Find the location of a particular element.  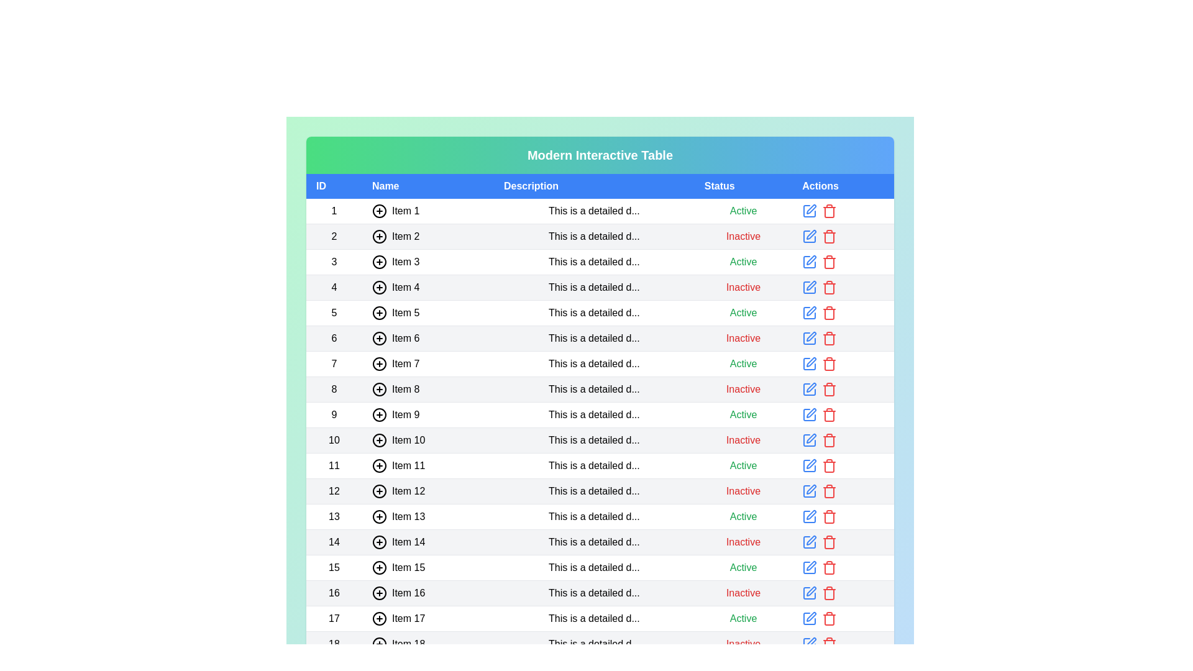

the header Description to sort the table by that column is located at coordinates (593, 186).